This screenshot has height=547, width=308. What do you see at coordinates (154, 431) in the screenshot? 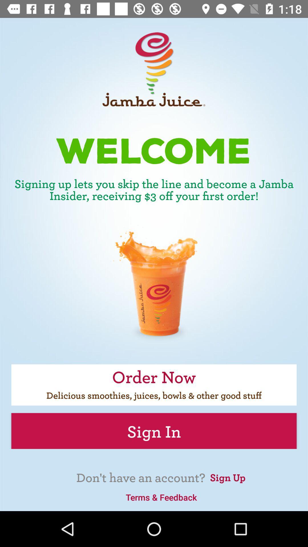
I see `the icon above the sign up icon` at bounding box center [154, 431].